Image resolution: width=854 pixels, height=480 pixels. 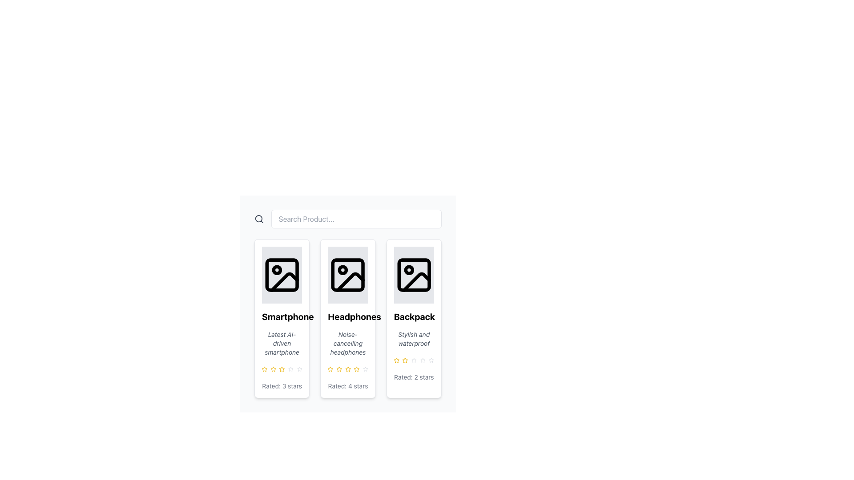 I want to click on the third yellow star icon in the rating sequence below the 'Headphones' product card, so click(x=338, y=369).